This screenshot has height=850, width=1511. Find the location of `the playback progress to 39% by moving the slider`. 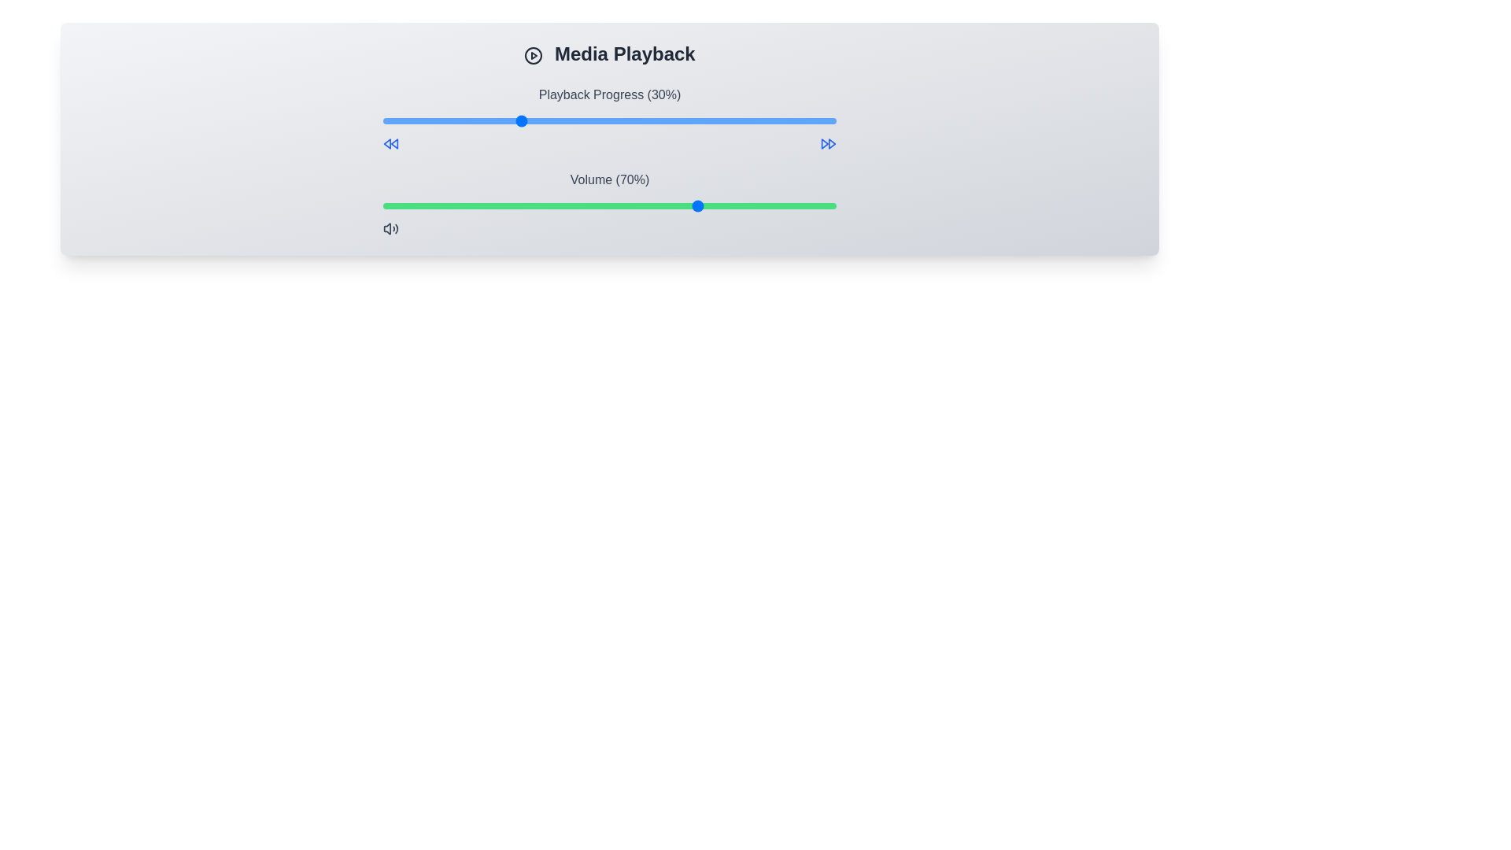

the playback progress to 39% by moving the slider is located at coordinates (560, 120).